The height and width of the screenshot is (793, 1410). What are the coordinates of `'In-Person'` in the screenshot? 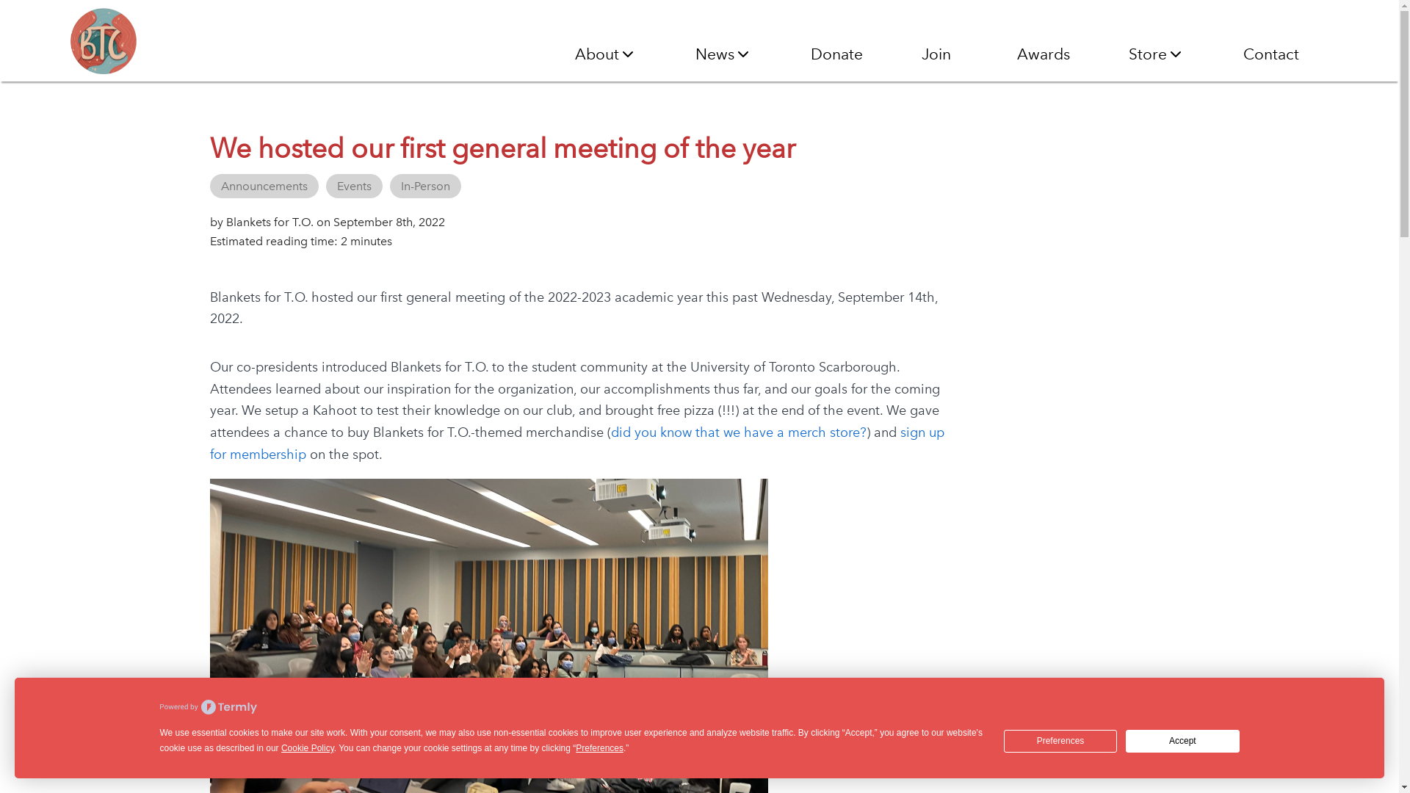 It's located at (424, 185).